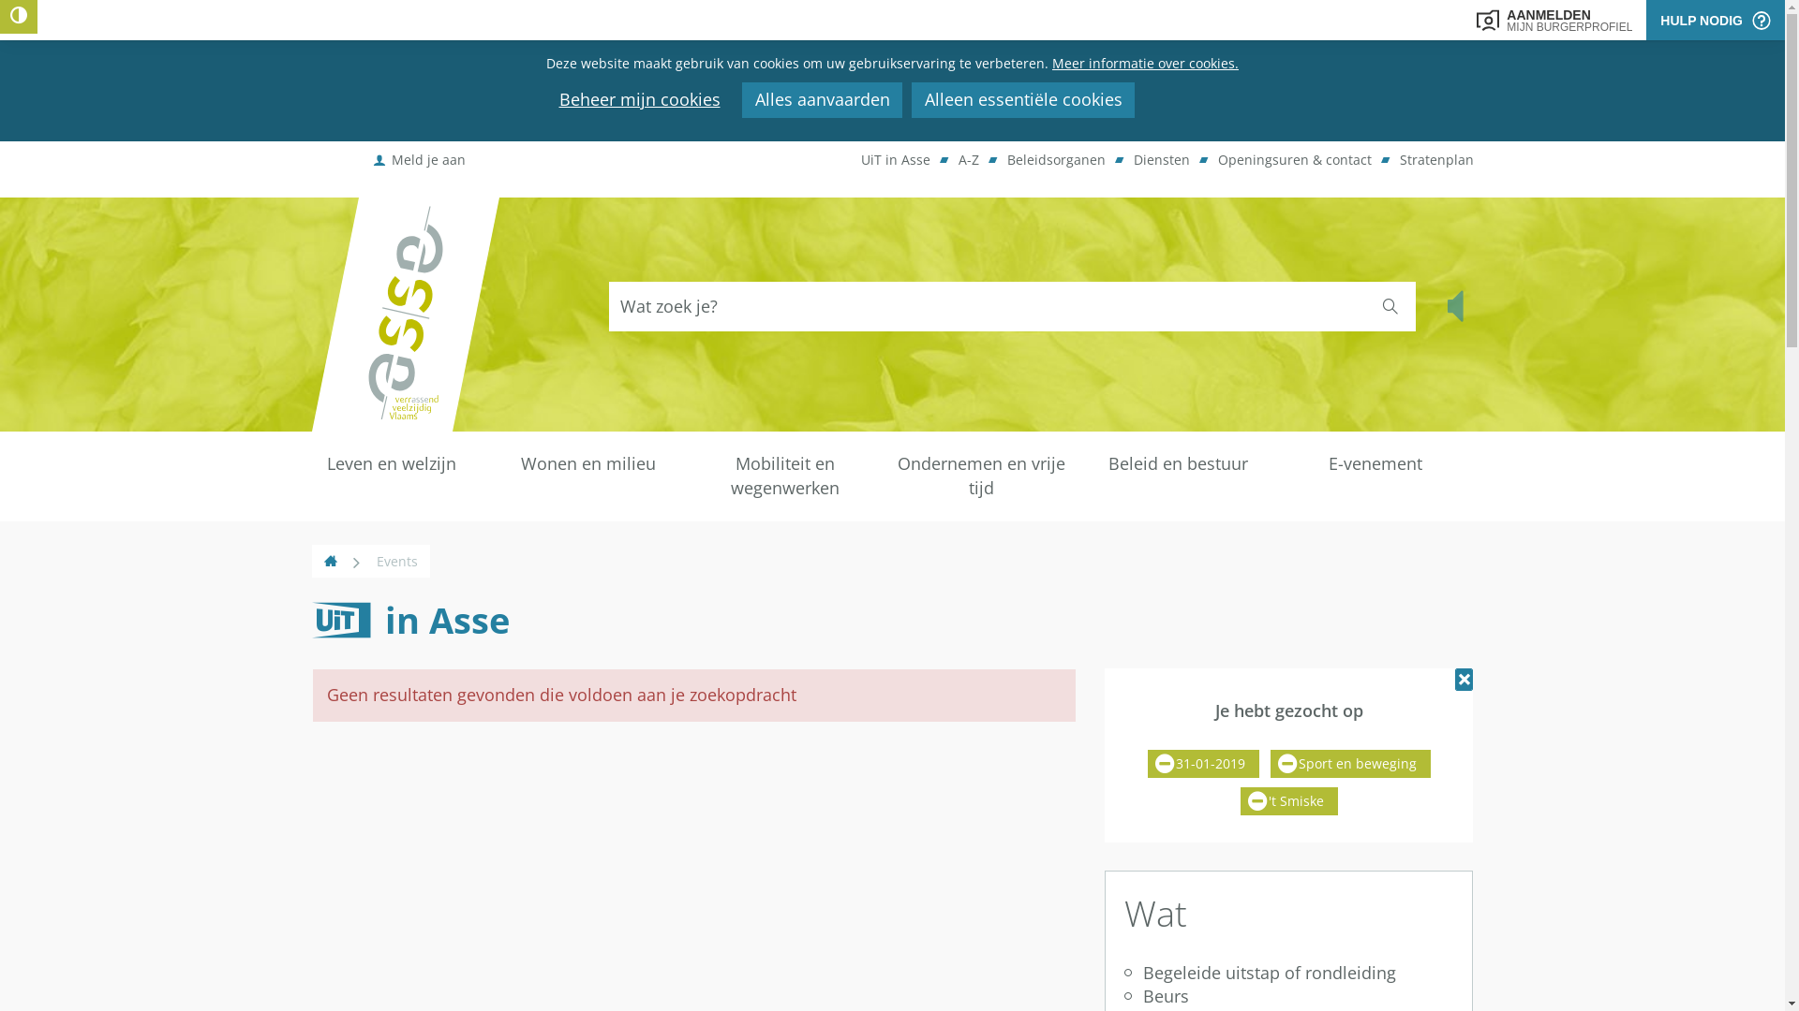 The height and width of the screenshot is (1011, 1799). Describe the element at coordinates (1435, 159) in the screenshot. I see `'Stratenplan'` at that location.